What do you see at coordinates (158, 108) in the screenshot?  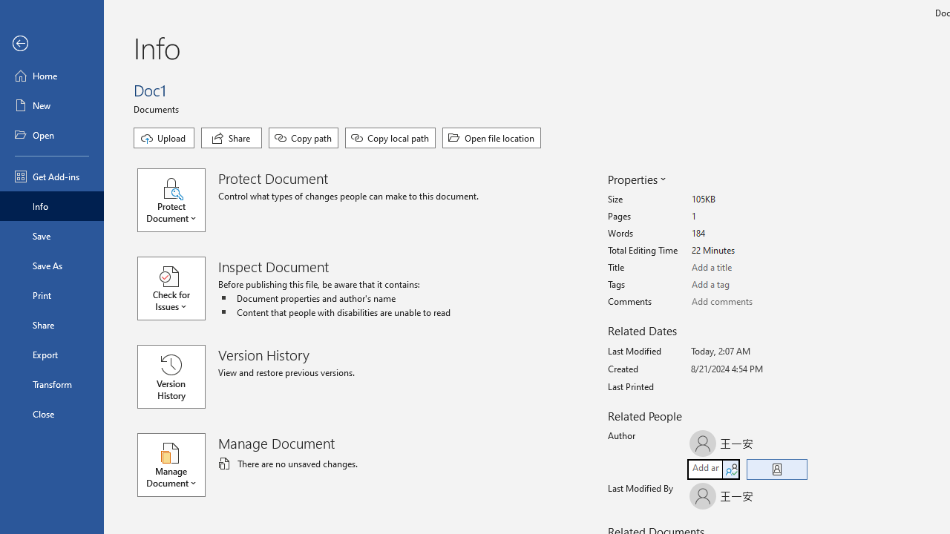 I see `'Documents'` at bounding box center [158, 108].